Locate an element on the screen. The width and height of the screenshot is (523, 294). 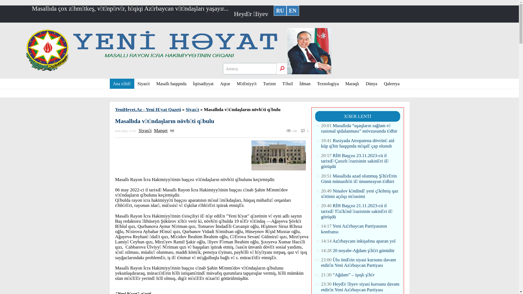
'OK' is located at coordinates (282, 68).